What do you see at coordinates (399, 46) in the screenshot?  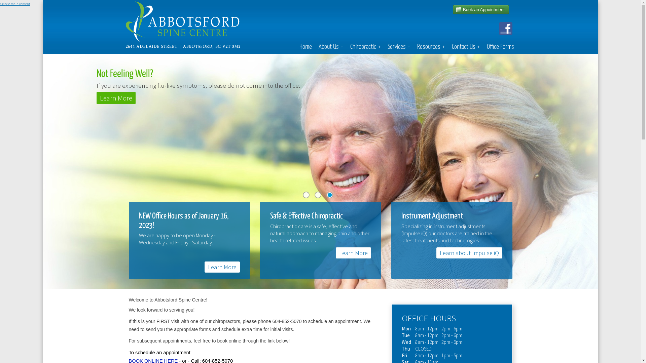 I see `'Services+'` at bounding box center [399, 46].